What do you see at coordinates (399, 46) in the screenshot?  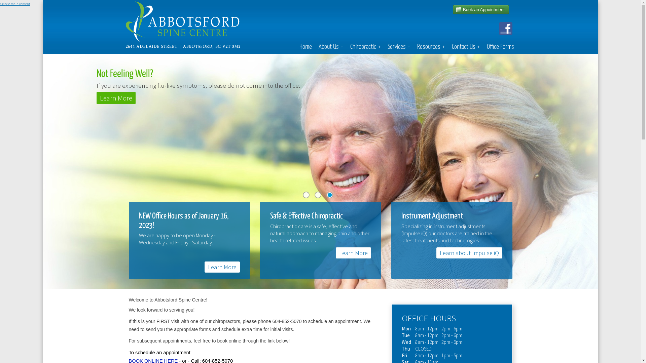 I see `'Services+'` at bounding box center [399, 46].